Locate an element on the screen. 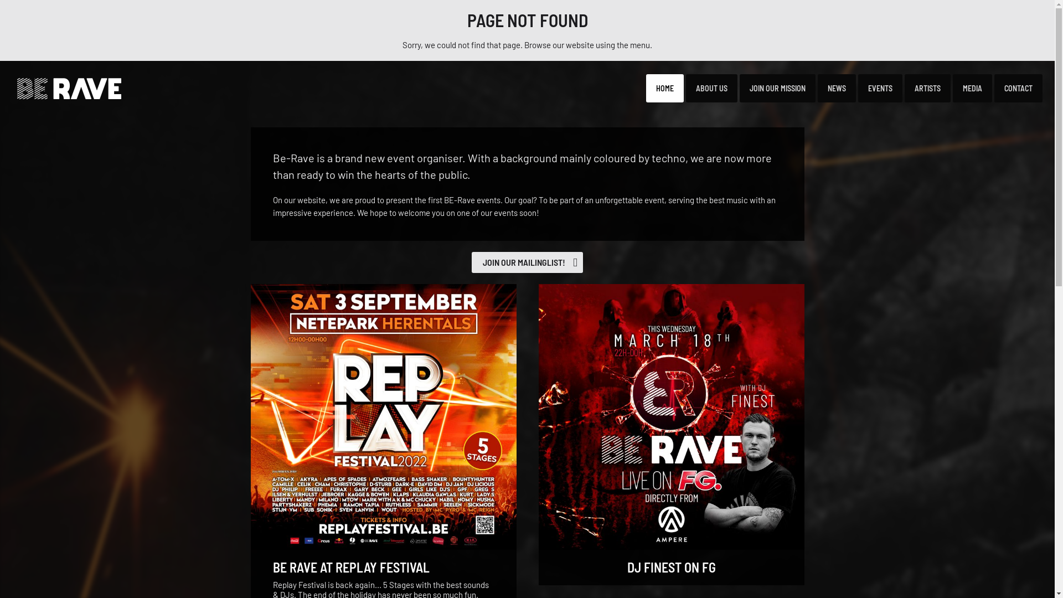 The width and height of the screenshot is (1063, 598). 'HOME' is located at coordinates (664, 87).